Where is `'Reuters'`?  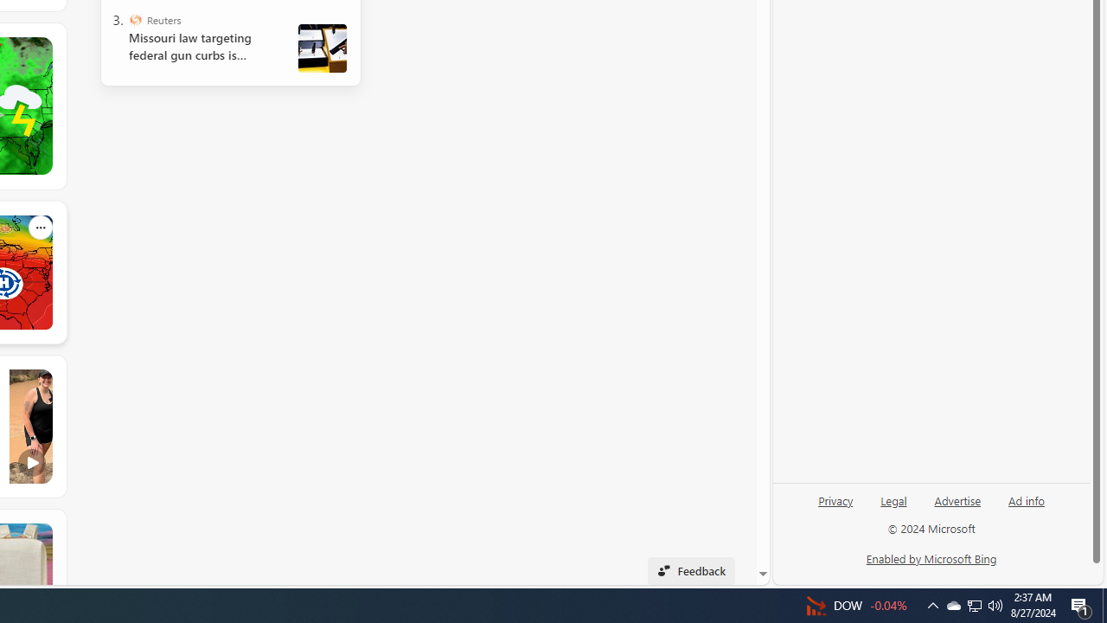
'Reuters' is located at coordinates (134, 20).